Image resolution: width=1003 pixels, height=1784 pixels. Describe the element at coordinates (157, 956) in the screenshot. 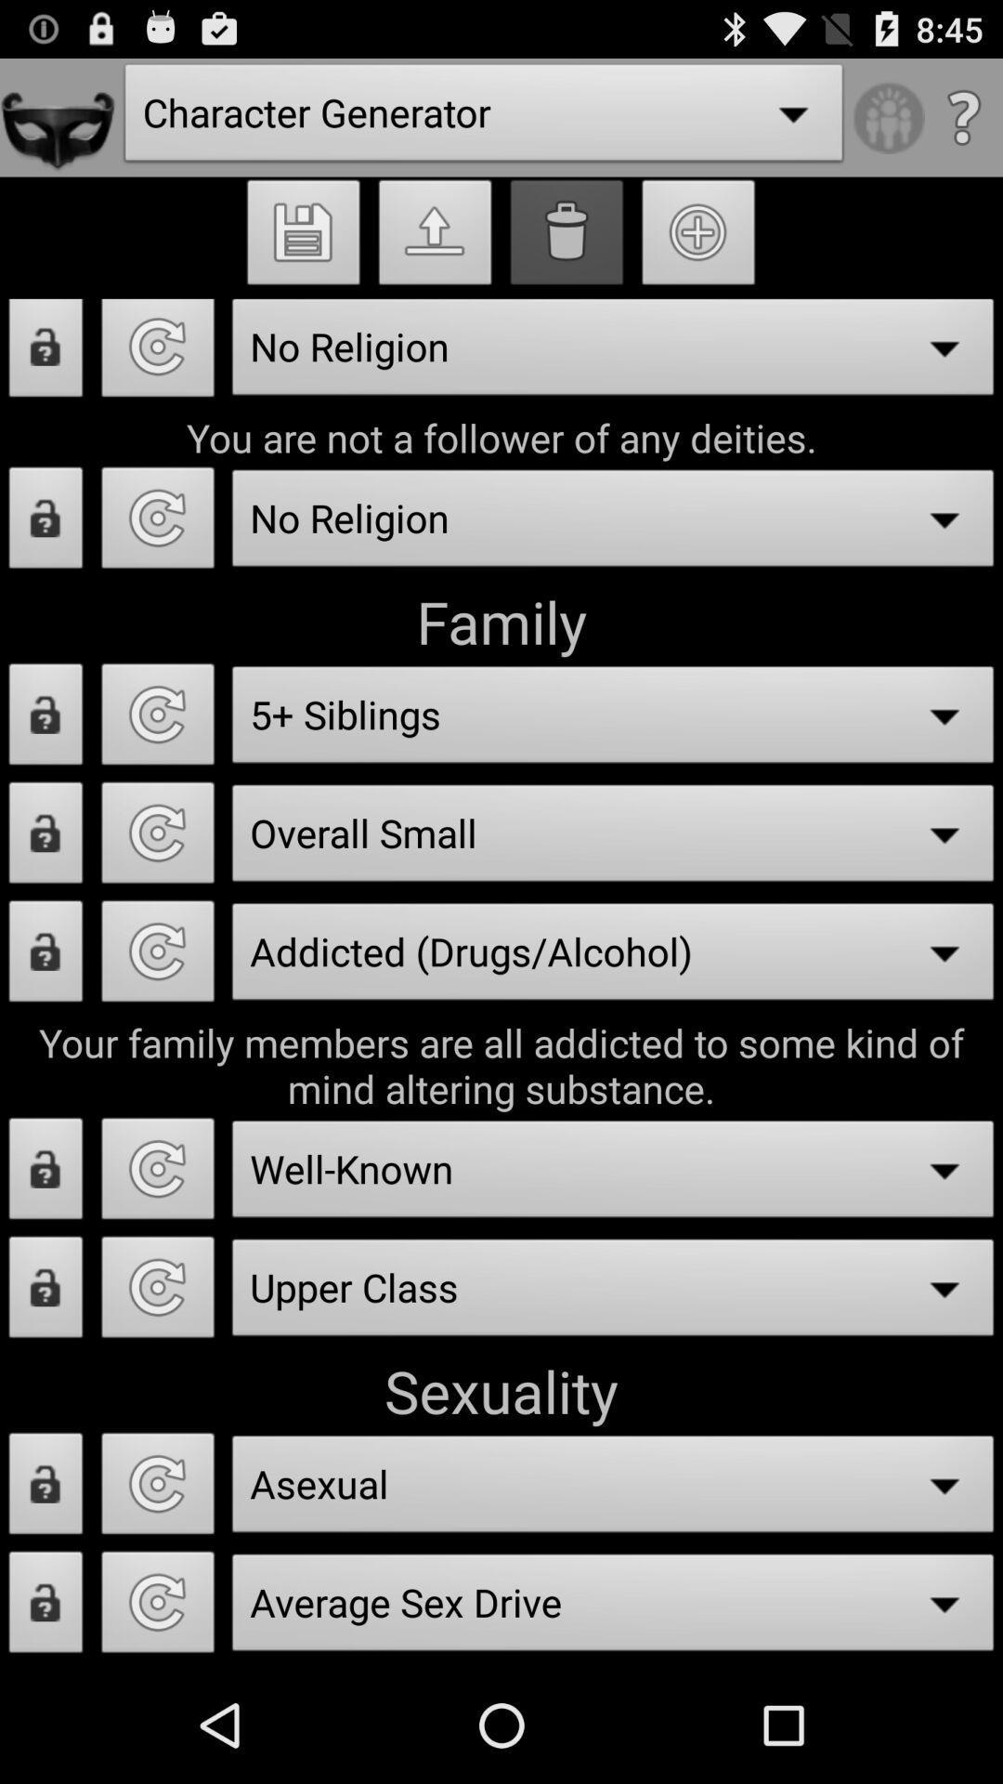

I see `randomize family trait` at that location.